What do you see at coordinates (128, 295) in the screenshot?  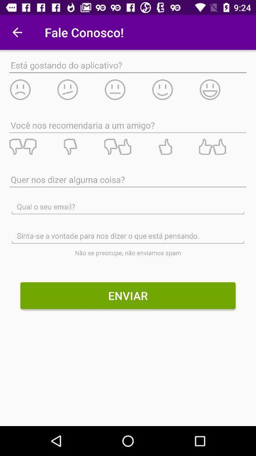 I see `the enviar icon` at bounding box center [128, 295].